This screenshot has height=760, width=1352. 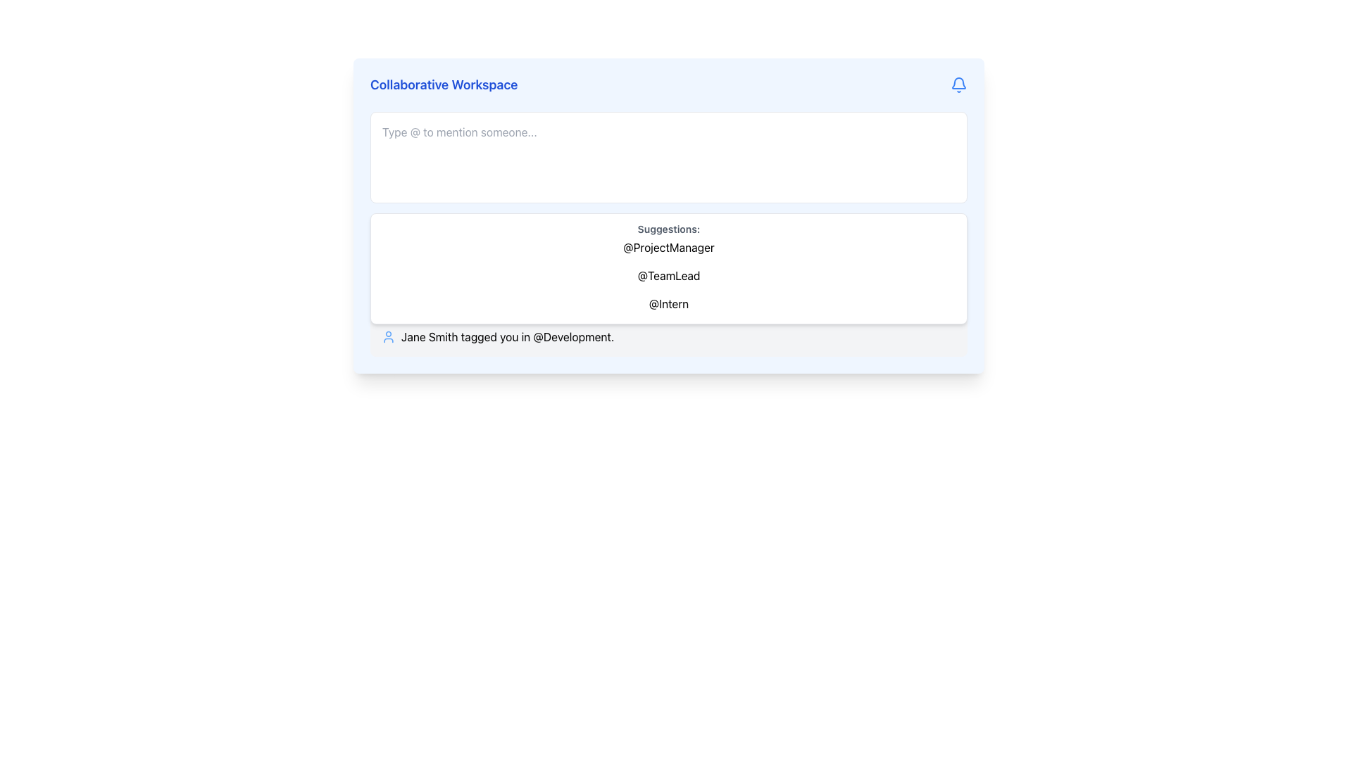 I want to click on the blue bell-shaped notification icon located in the top-right section of the 'Collaborative Workspace' interface, so click(x=958, y=84).